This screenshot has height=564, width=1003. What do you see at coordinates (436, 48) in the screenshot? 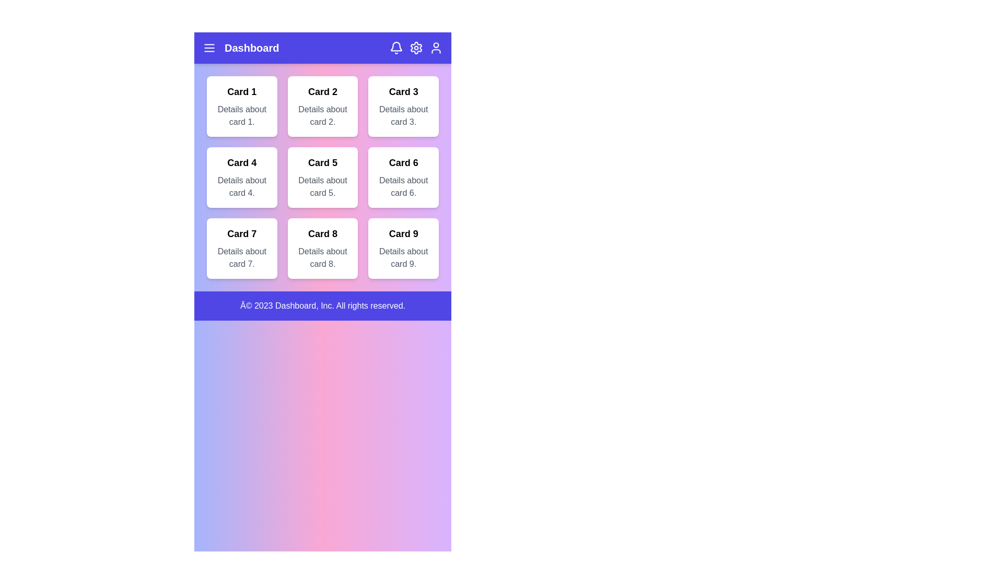
I see `the 'User' icon to access the user profile` at bounding box center [436, 48].